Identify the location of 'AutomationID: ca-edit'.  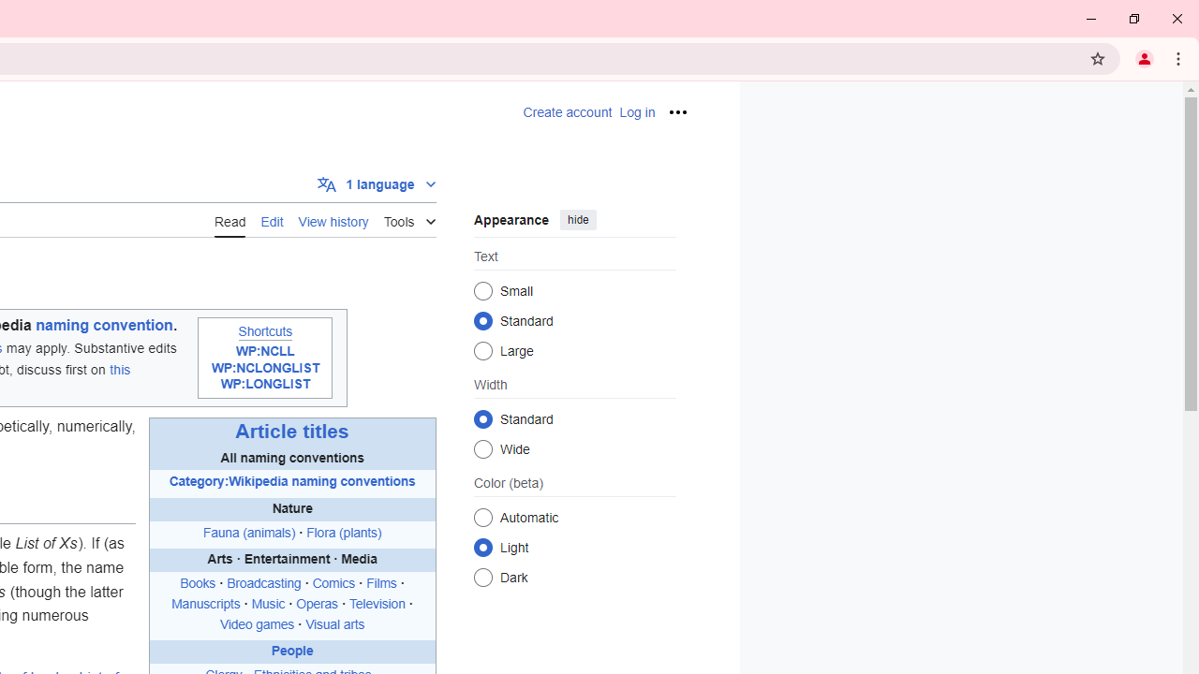
(271, 218).